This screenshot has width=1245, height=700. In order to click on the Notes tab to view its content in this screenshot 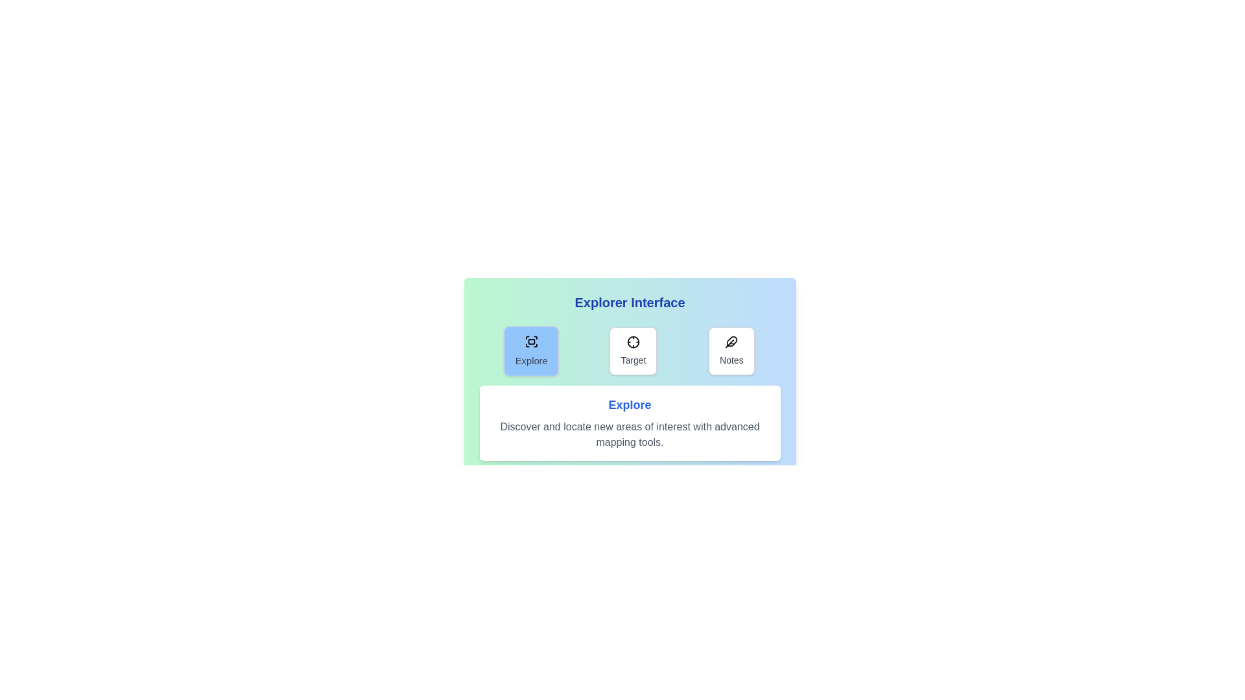, I will do `click(731, 351)`.